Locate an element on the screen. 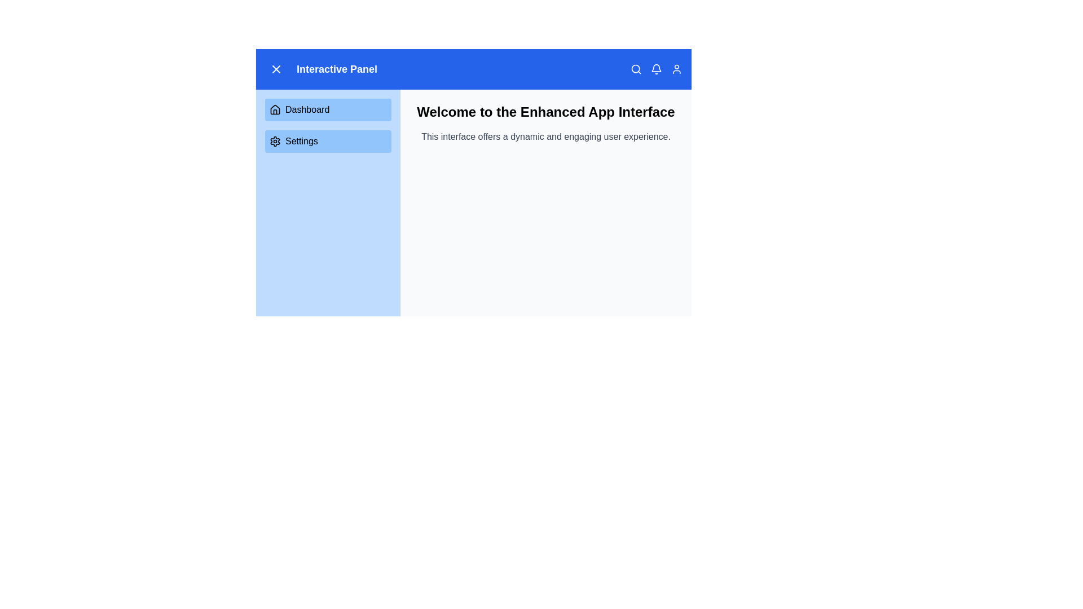 The image size is (1083, 609). the circular blue button with a white 'X' symbol to observe the hover effect is located at coordinates (276, 69).